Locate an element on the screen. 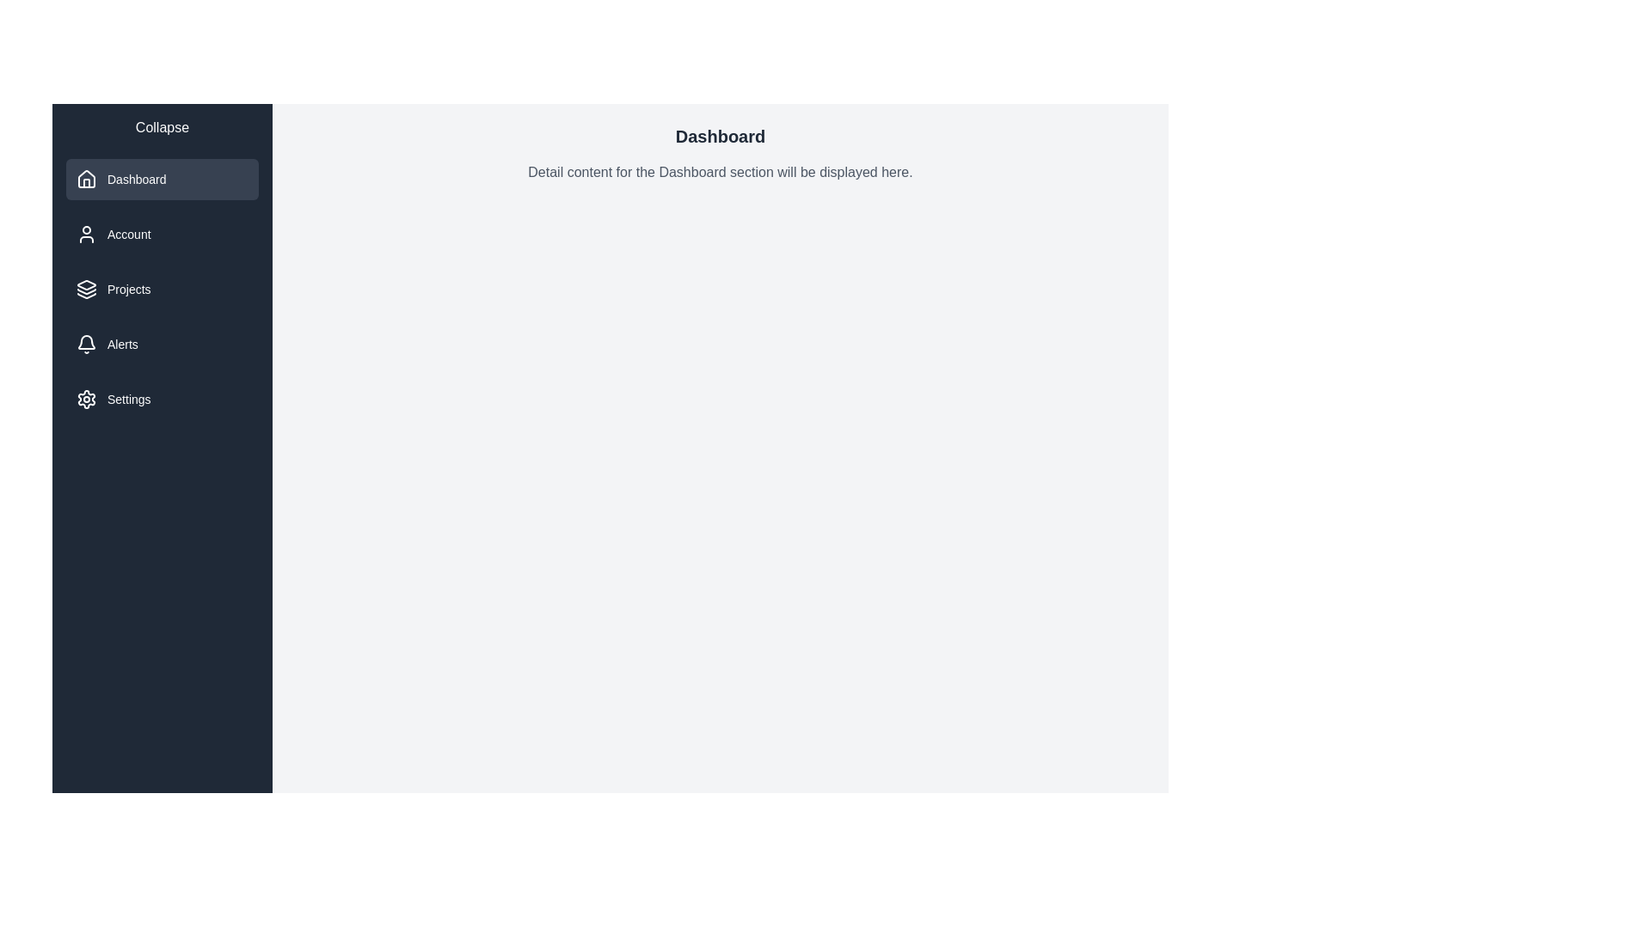  'Collapse' button to toggle the menu state is located at coordinates (162, 127).